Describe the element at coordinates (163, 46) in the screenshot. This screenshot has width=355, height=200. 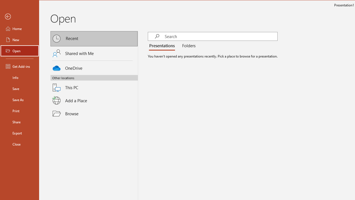
I see `'Presentations'` at that location.